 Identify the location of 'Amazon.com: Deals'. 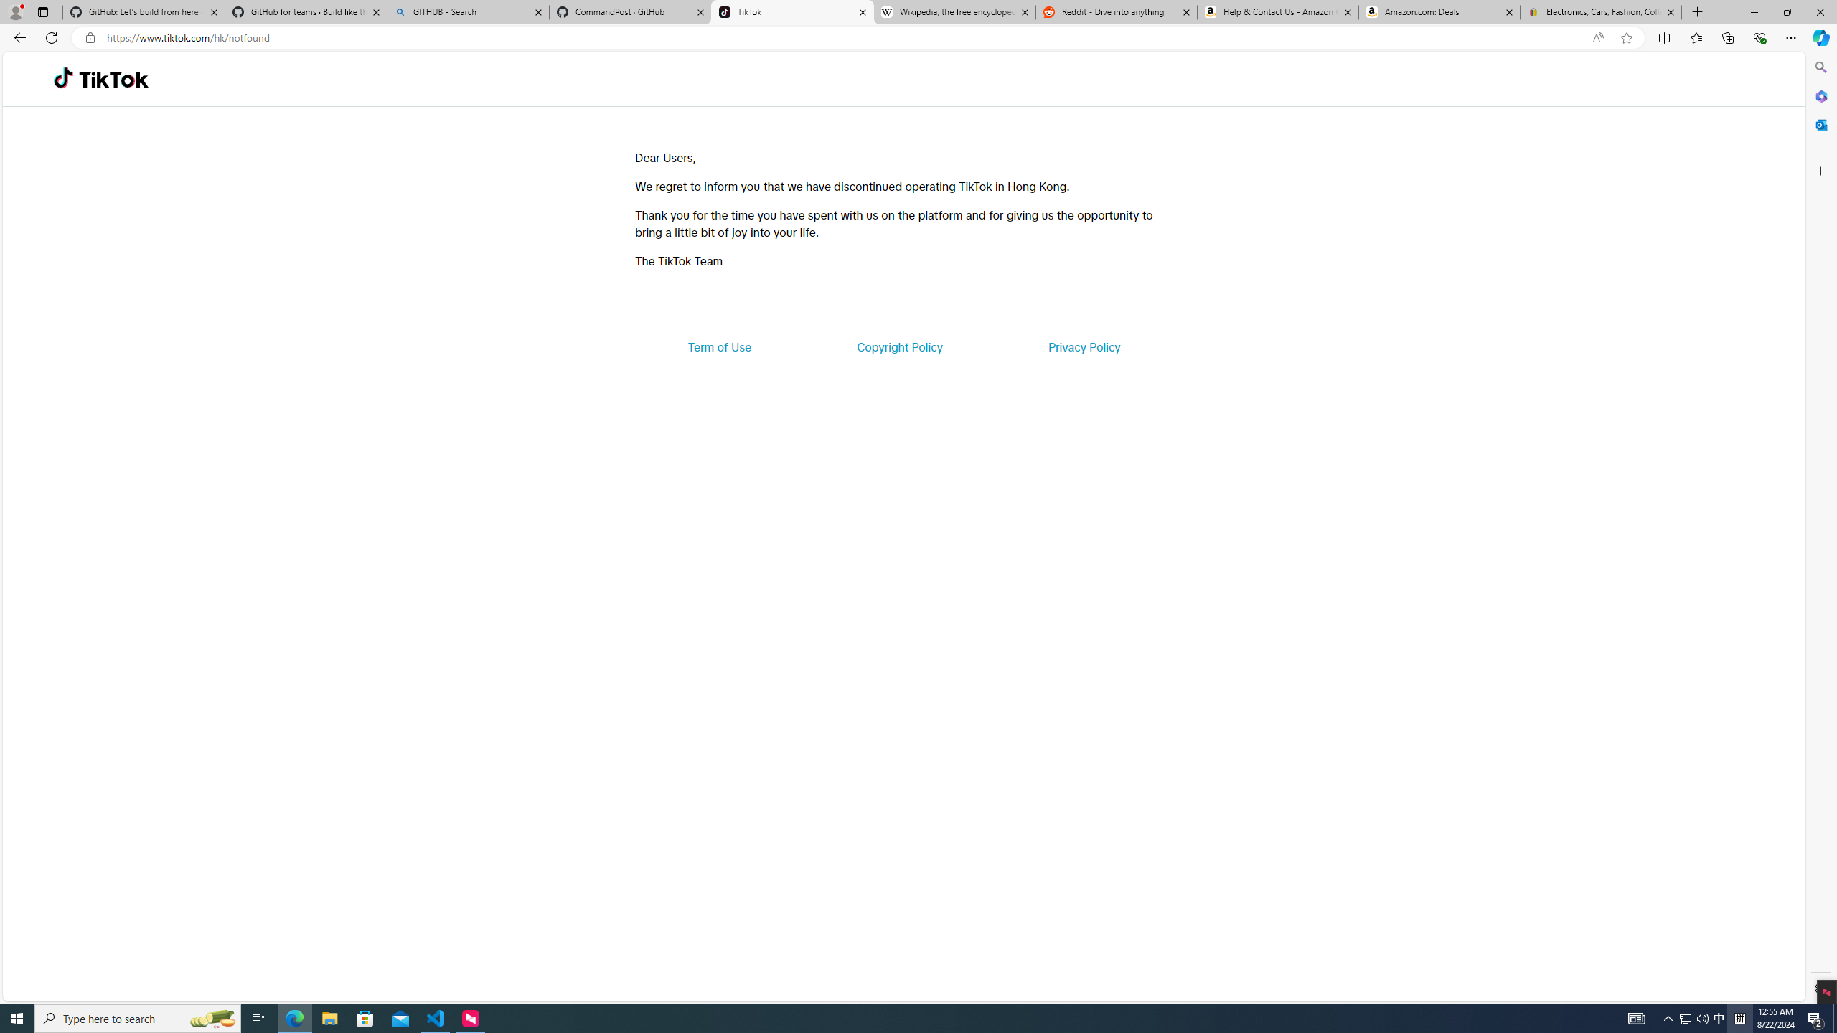
(1439, 11).